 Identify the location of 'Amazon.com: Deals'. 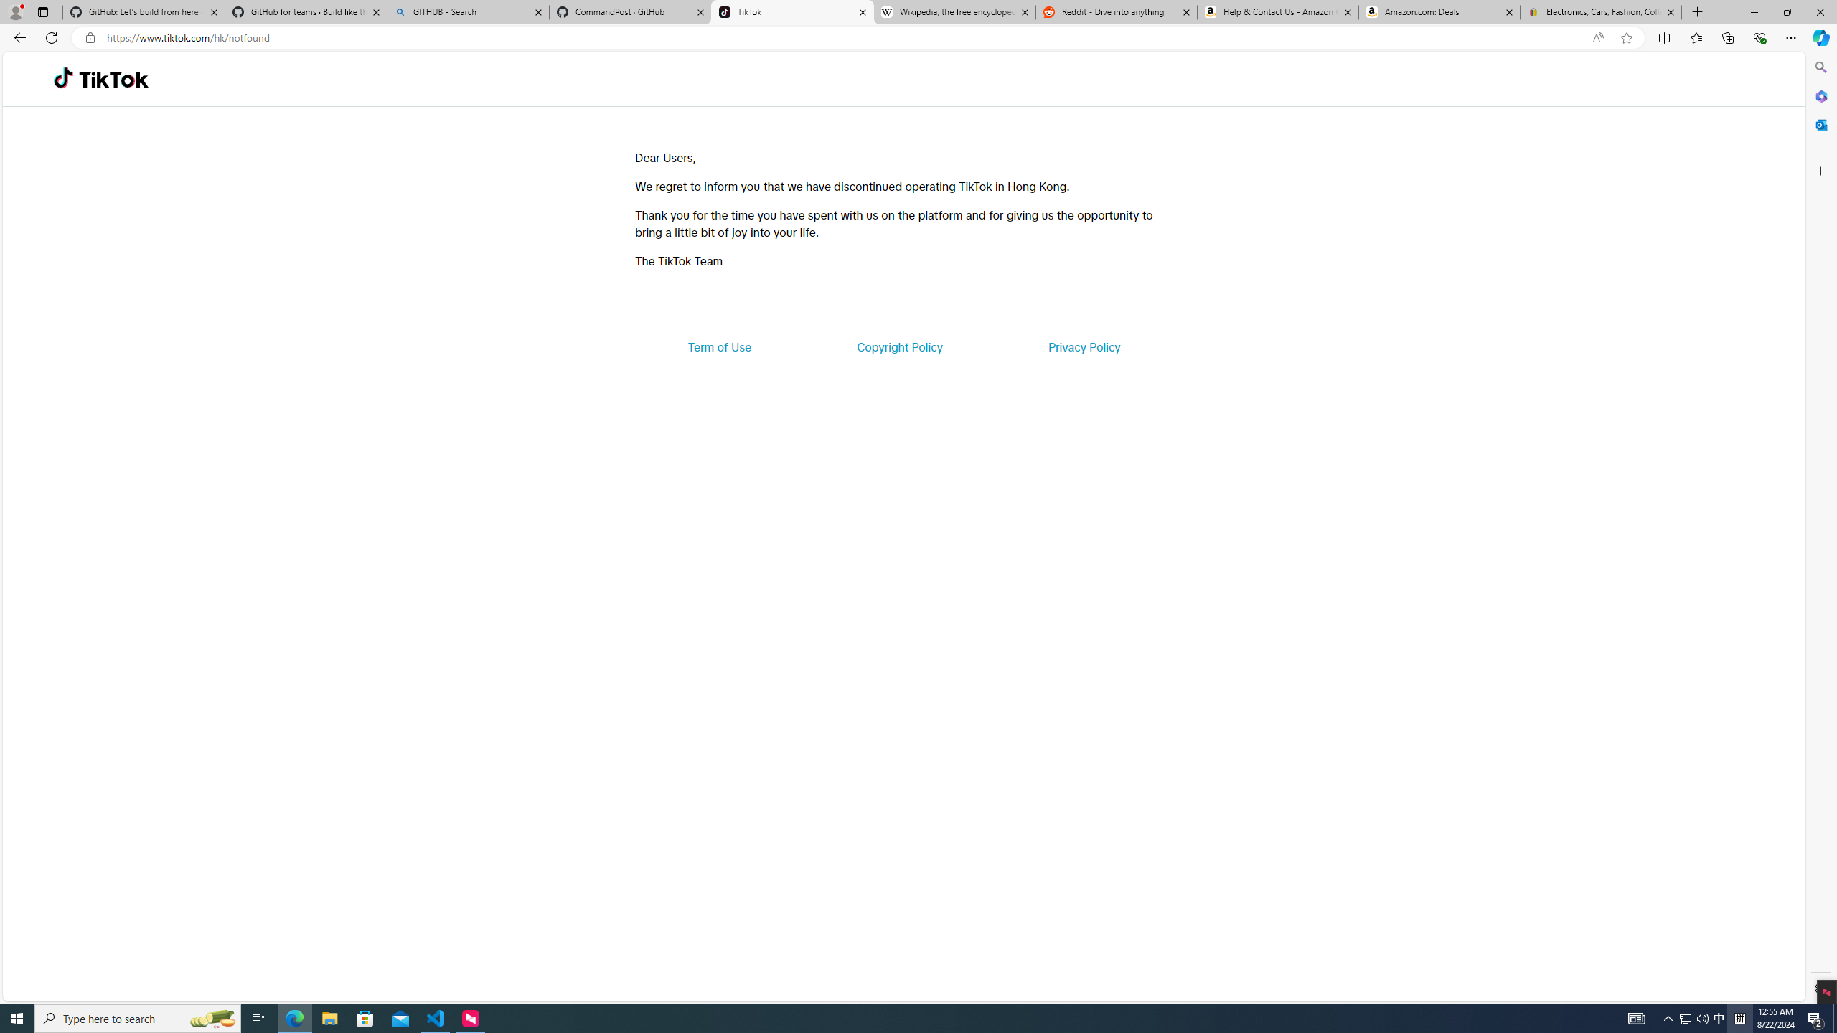
(1439, 11).